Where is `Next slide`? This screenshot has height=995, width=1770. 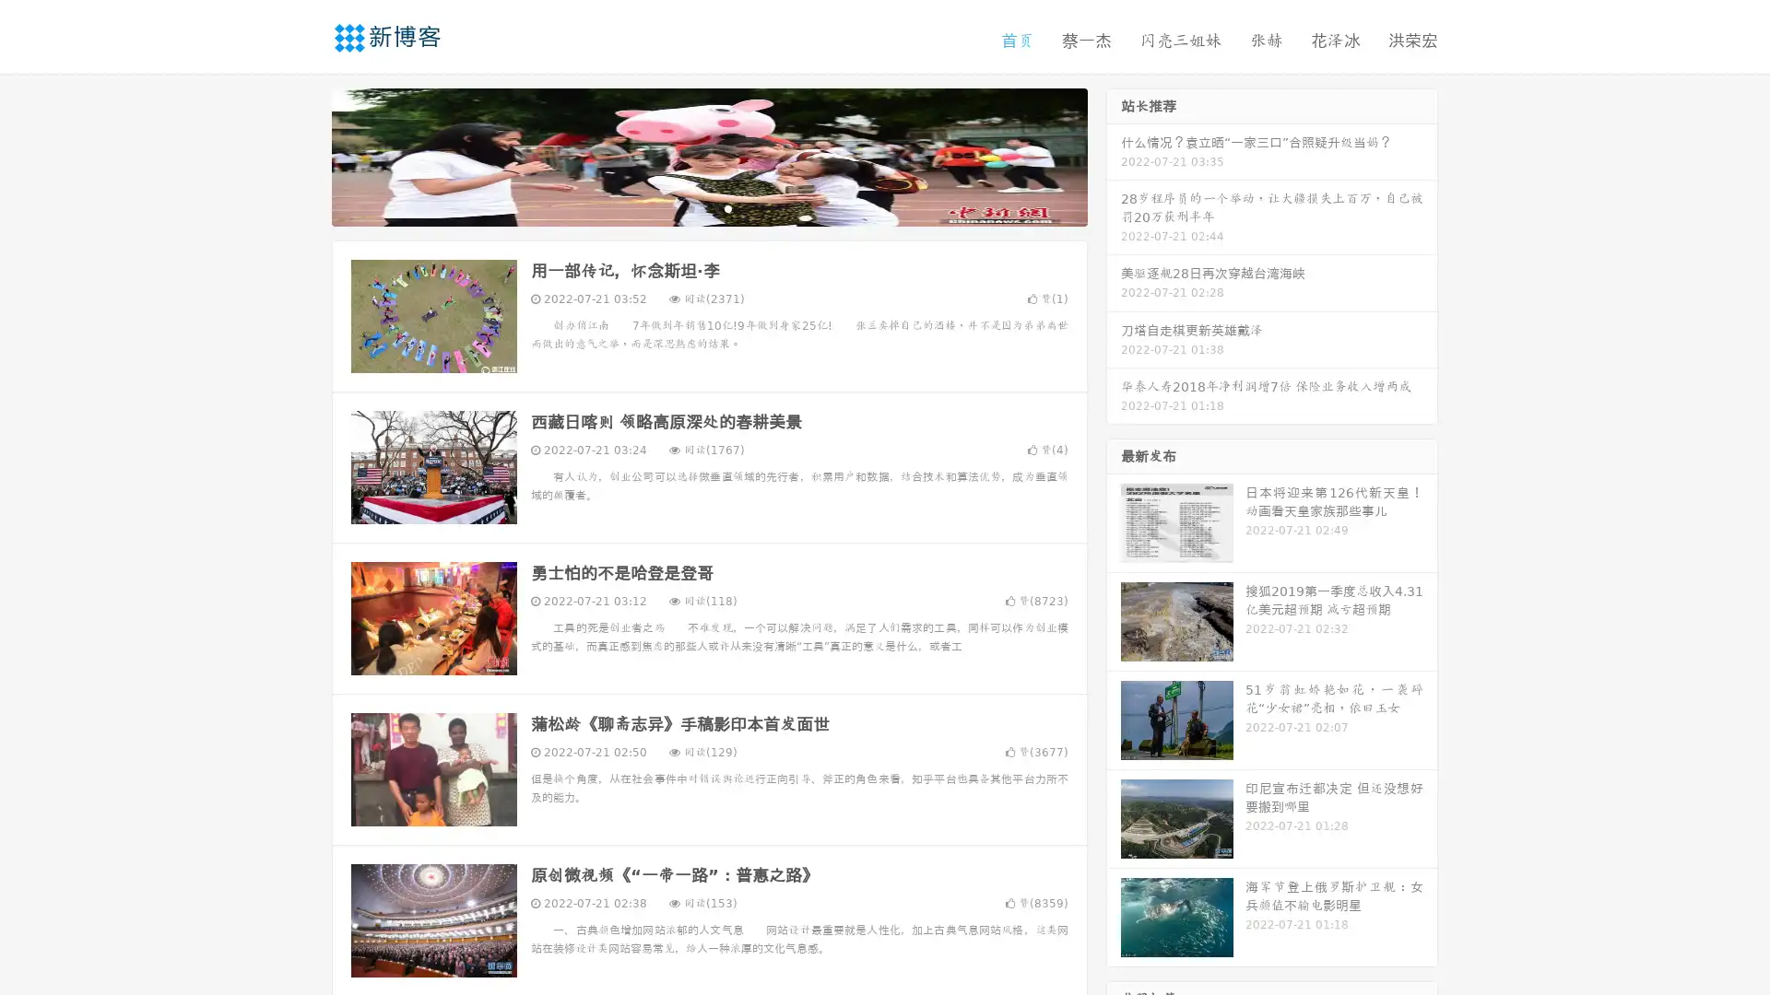 Next slide is located at coordinates (1114, 155).